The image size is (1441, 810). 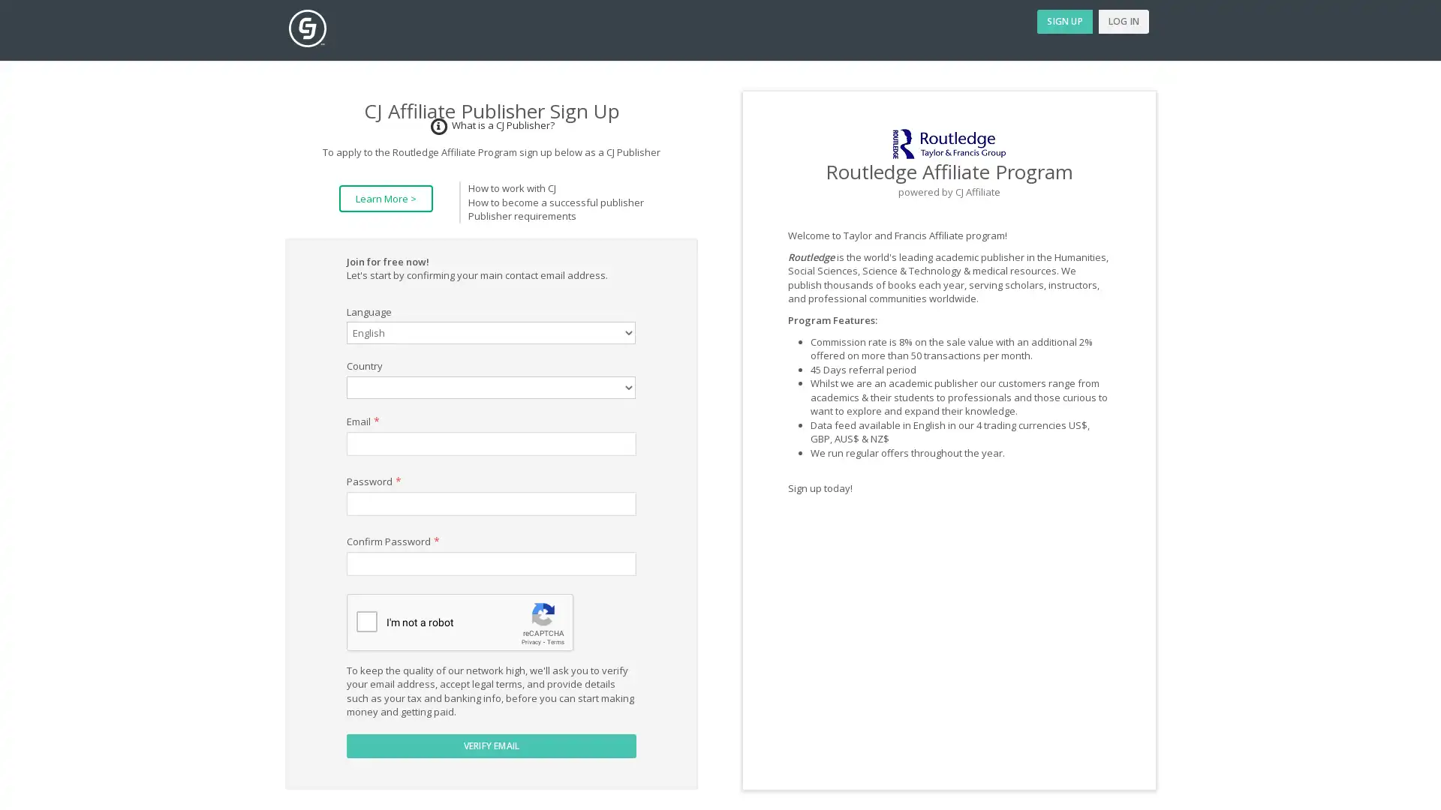 I want to click on LOG IN, so click(x=1124, y=22).